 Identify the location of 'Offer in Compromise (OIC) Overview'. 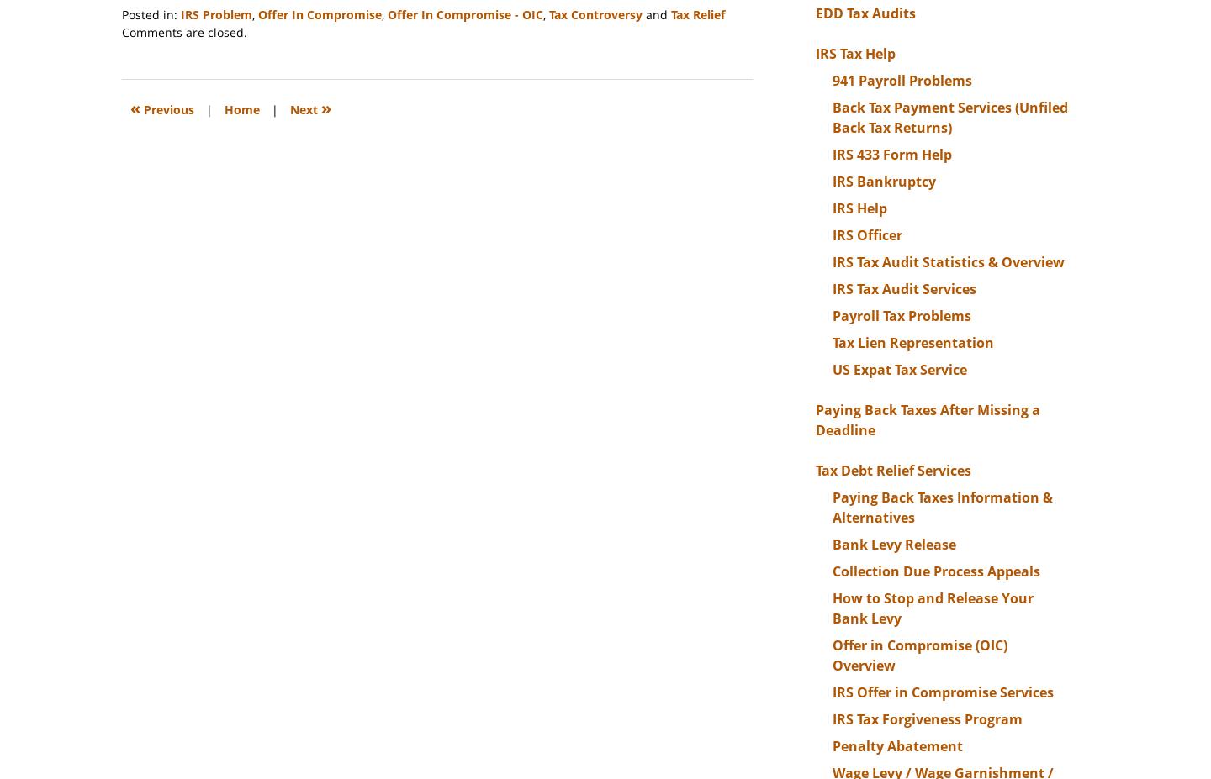
(832, 654).